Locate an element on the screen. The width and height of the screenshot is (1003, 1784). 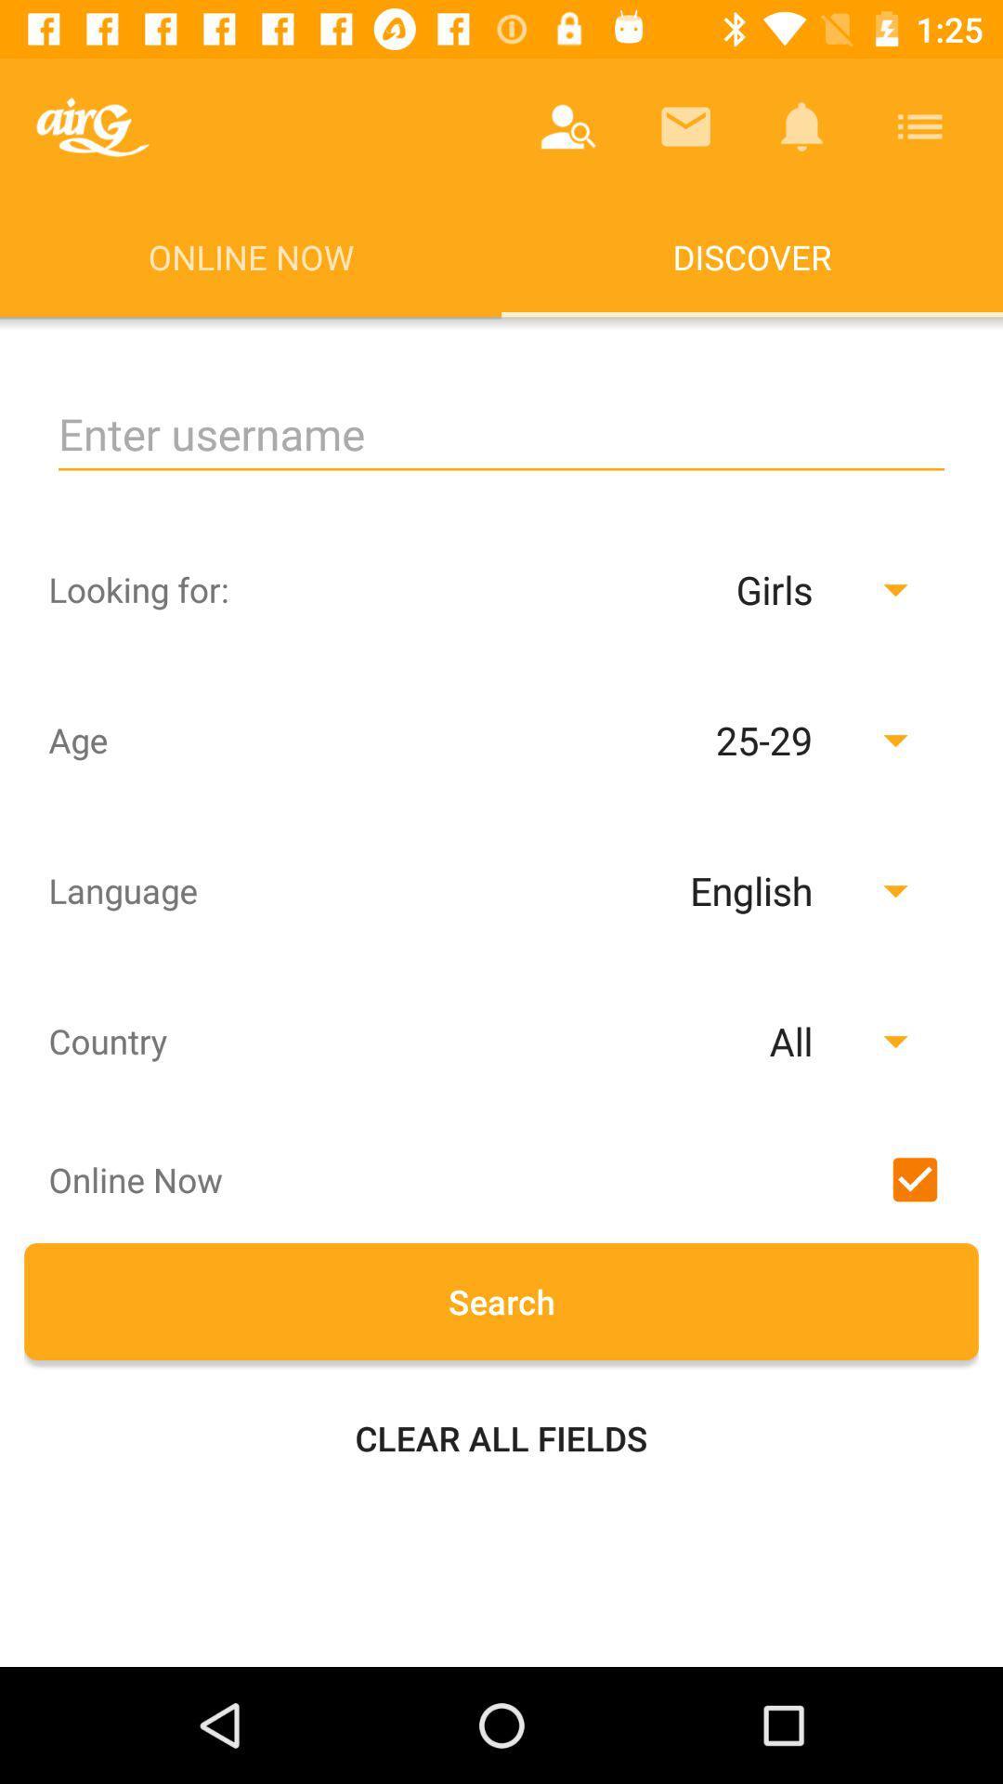
discover item is located at coordinates (752, 256).